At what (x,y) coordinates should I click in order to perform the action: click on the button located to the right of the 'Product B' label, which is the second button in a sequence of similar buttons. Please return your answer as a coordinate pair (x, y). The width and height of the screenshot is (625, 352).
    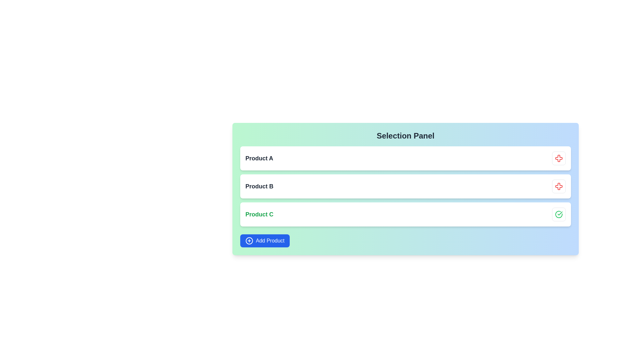
    Looking at the image, I should click on (559, 186).